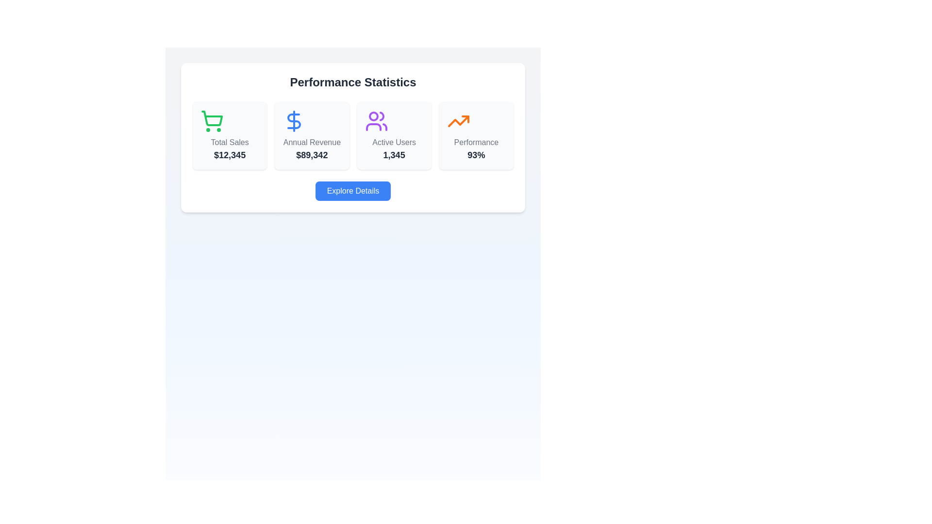 The height and width of the screenshot is (524, 932). What do you see at coordinates (394, 142) in the screenshot?
I see `the 'Active Users' text label, which indicates the number of active users and is positioned below the user group icon and above the numeric value '1,345'` at bounding box center [394, 142].